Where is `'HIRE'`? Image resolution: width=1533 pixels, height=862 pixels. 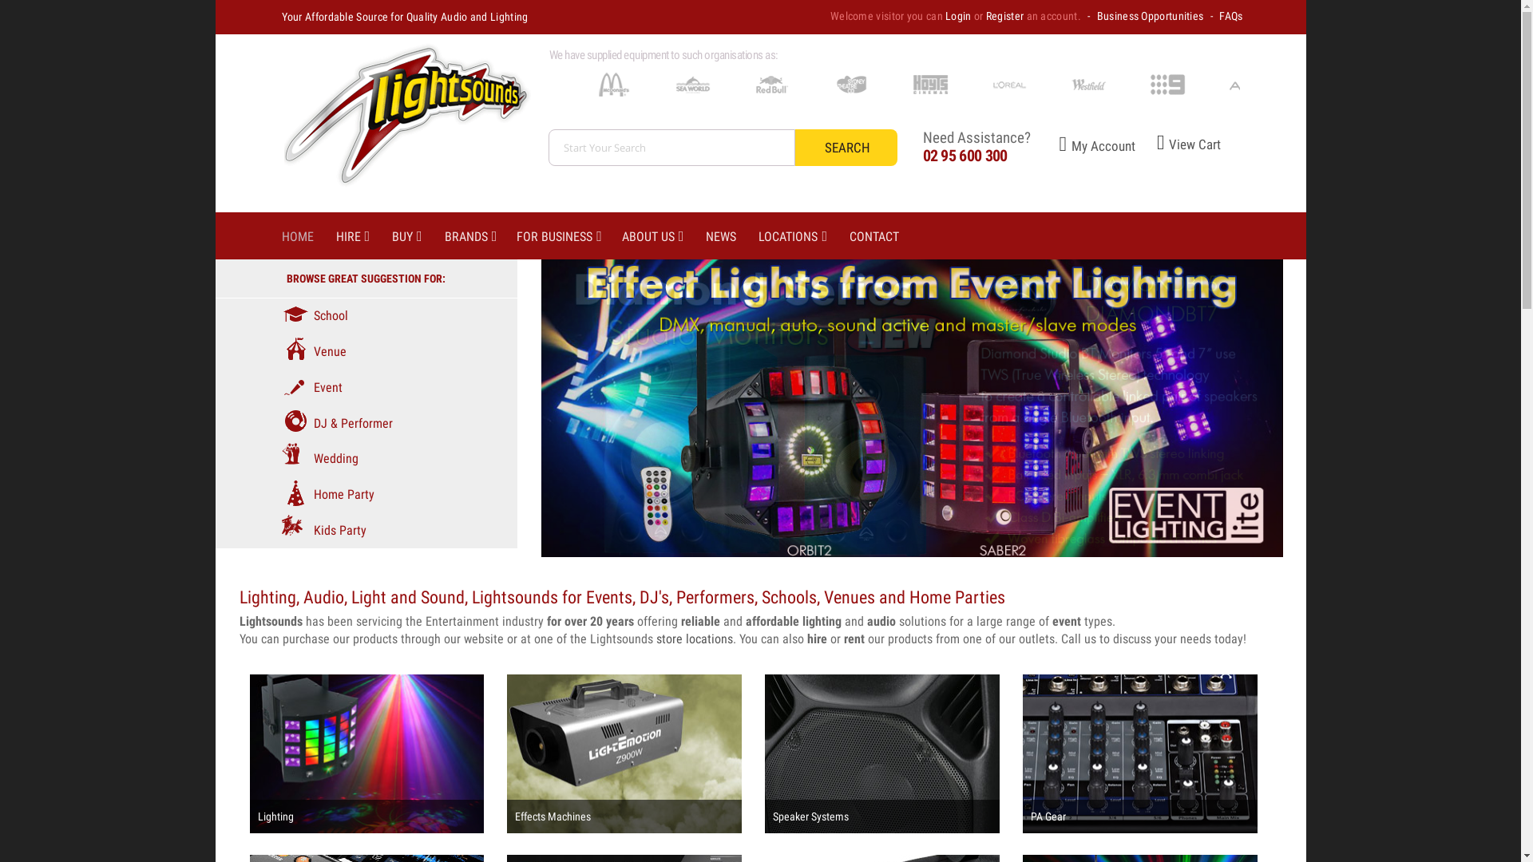 'HIRE' is located at coordinates (335, 237).